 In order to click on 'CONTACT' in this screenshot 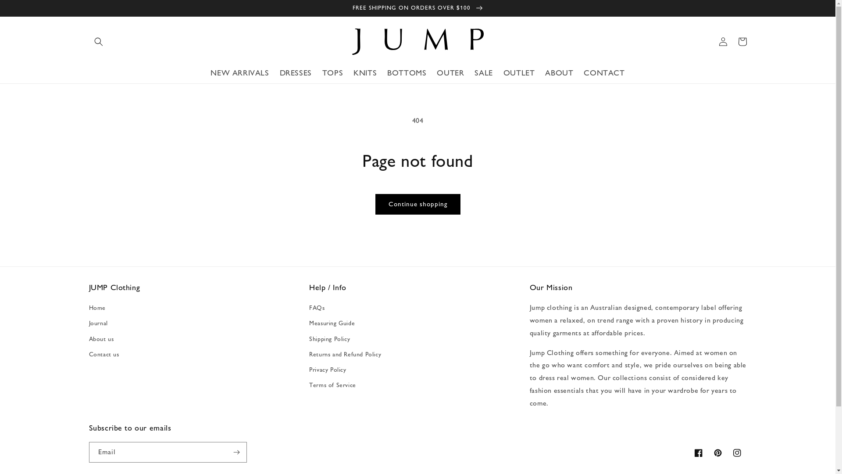, I will do `click(603, 72)`.